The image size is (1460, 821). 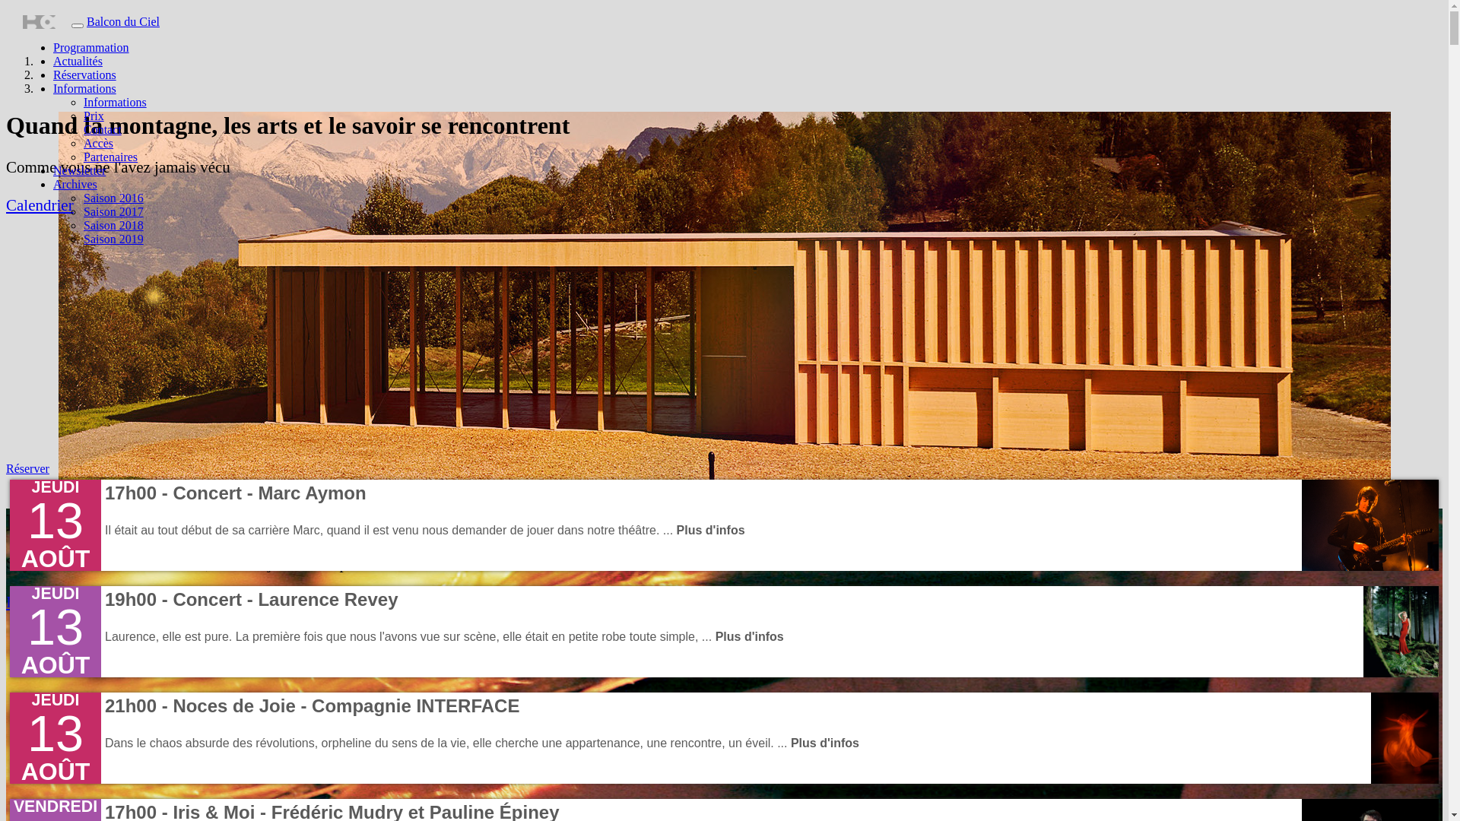 I want to click on 'Toggle navigation', so click(x=76, y=26).